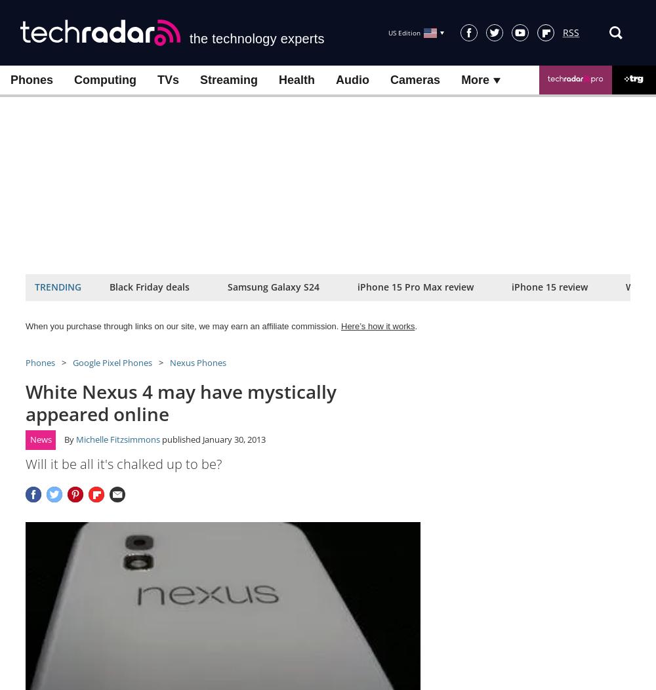 This screenshot has width=656, height=690. What do you see at coordinates (75, 439) in the screenshot?
I see `'Michelle Fitzsimmons'` at bounding box center [75, 439].